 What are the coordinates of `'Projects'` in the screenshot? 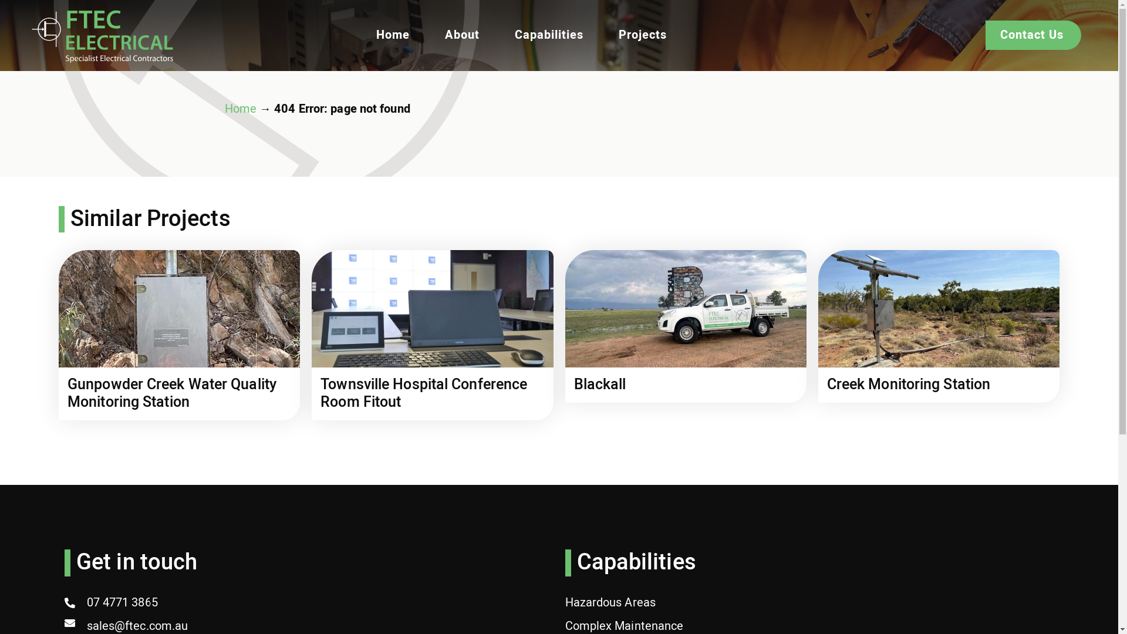 It's located at (642, 35).